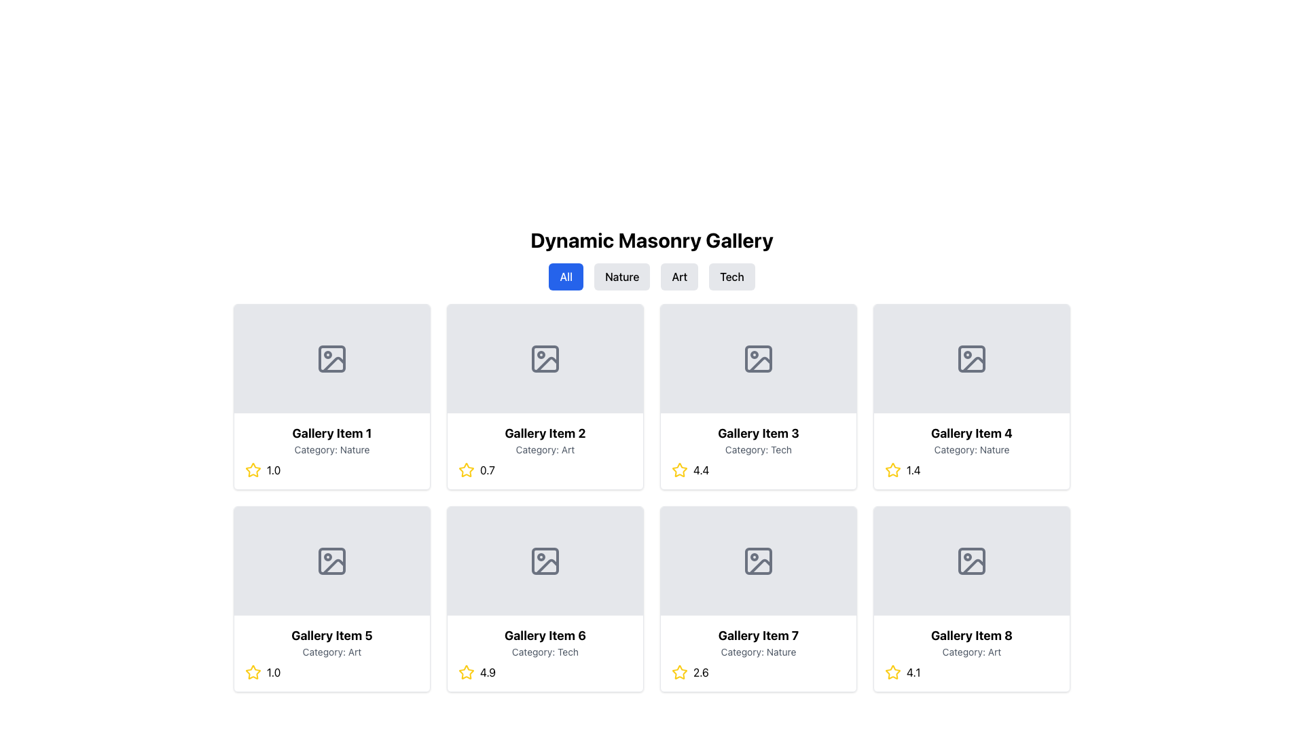 This screenshot has width=1304, height=733. I want to click on the yellow star icon with a hollow center located under the 'Gallery Item 5' card in the grid layout, so click(253, 672).